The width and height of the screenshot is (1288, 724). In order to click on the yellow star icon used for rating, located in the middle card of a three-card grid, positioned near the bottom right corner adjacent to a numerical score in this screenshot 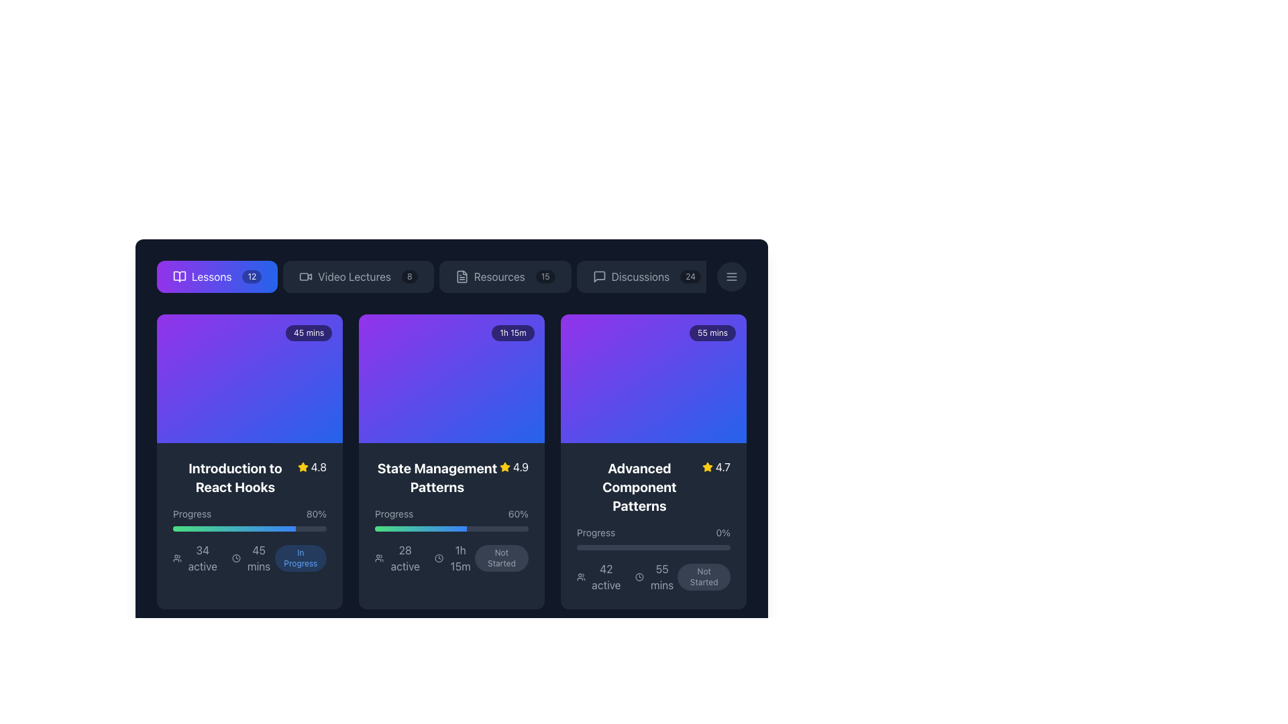, I will do `click(706, 466)`.